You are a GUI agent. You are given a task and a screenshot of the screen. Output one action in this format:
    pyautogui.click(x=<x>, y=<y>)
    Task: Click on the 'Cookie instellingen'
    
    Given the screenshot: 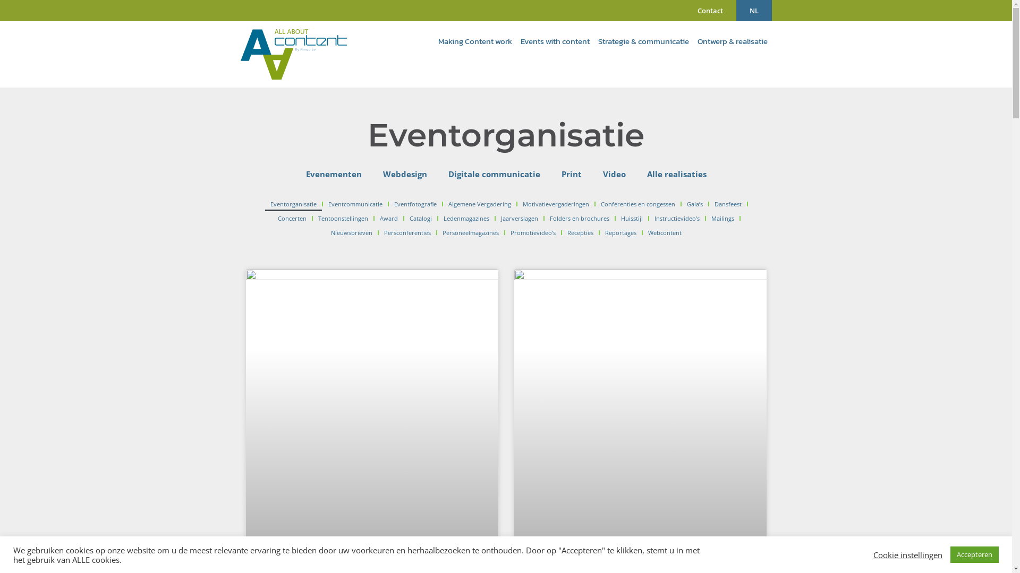 What is the action you would take?
    pyautogui.click(x=907, y=554)
    